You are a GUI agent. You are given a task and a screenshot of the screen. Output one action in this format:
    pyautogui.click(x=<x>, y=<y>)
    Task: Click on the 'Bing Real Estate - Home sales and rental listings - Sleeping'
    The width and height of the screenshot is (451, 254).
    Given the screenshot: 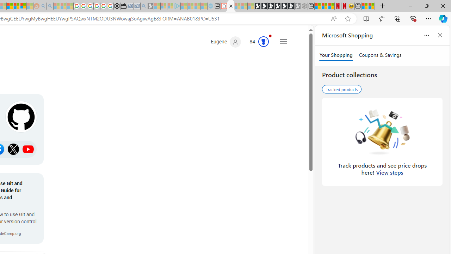 What is the action you would take?
    pyautogui.click(x=143, y=6)
    